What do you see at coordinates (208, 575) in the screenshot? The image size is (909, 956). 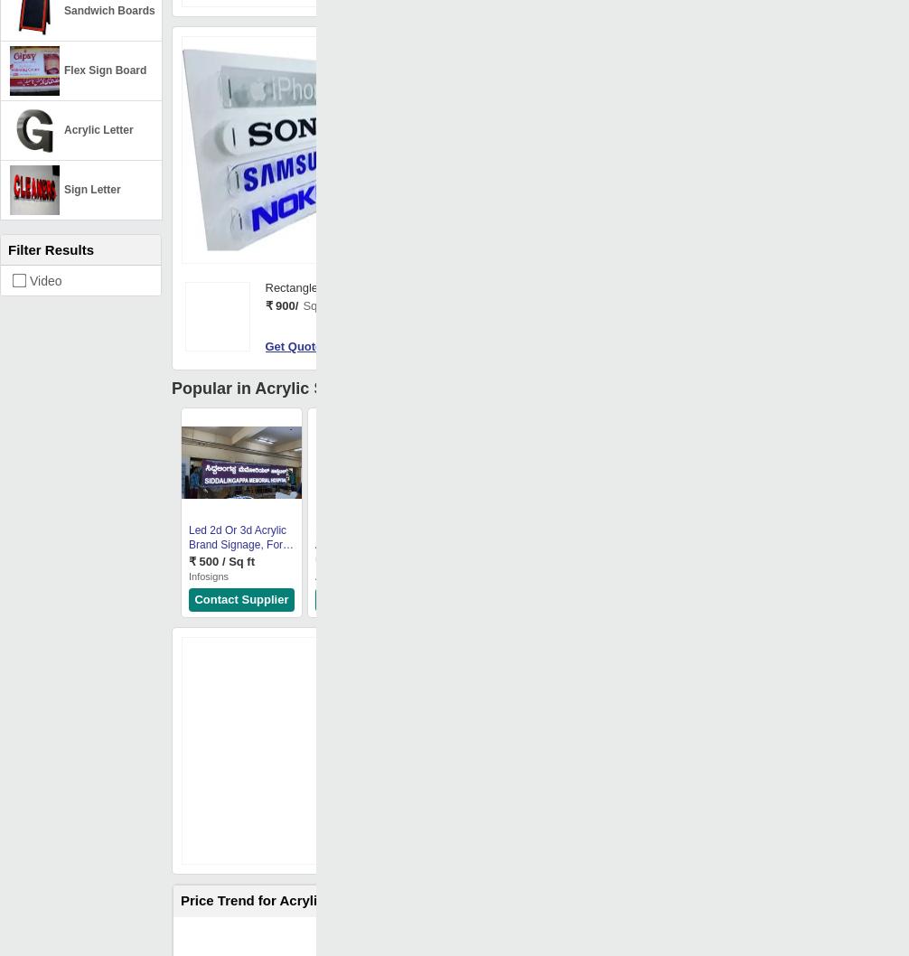 I see `'Infosigns'` at bounding box center [208, 575].